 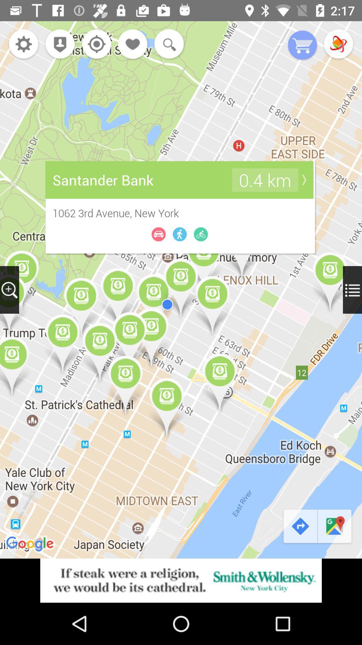 What do you see at coordinates (302, 45) in the screenshot?
I see `the cart icon` at bounding box center [302, 45].